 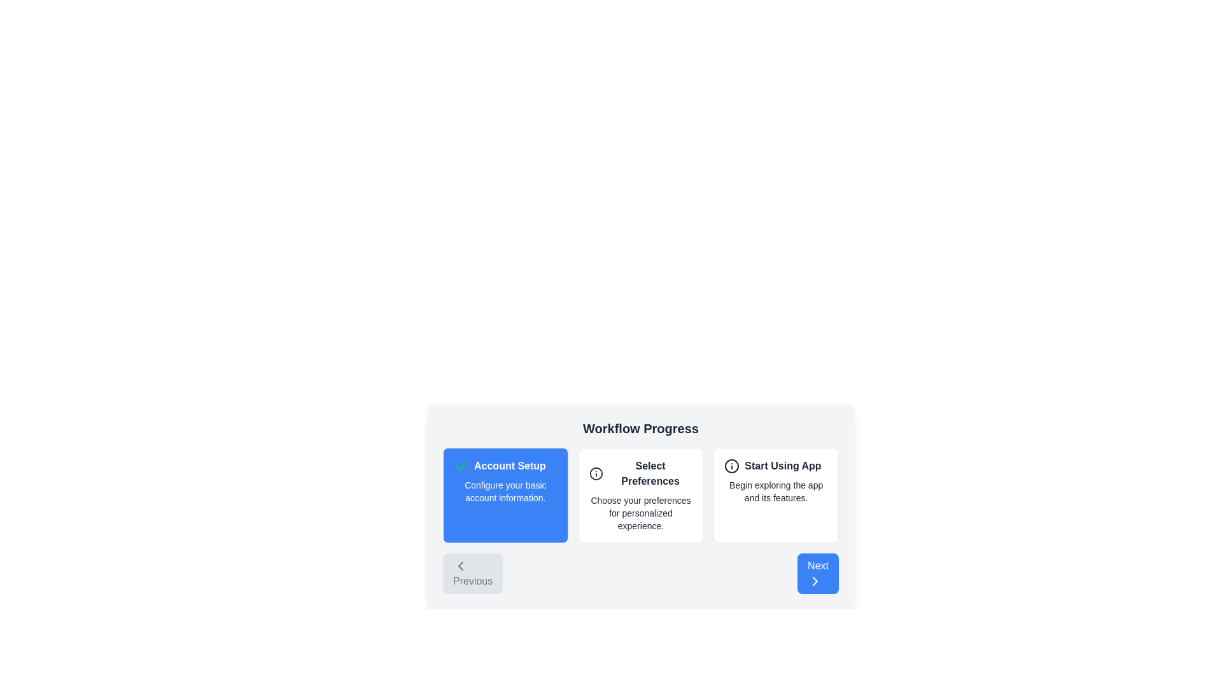 I want to click on the Checkmark icon, which is a green checkmark styled with a rounded cap and joint, positioned to the left of the 'Account Setup' text and above a blue rectangular background, so click(x=460, y=466).